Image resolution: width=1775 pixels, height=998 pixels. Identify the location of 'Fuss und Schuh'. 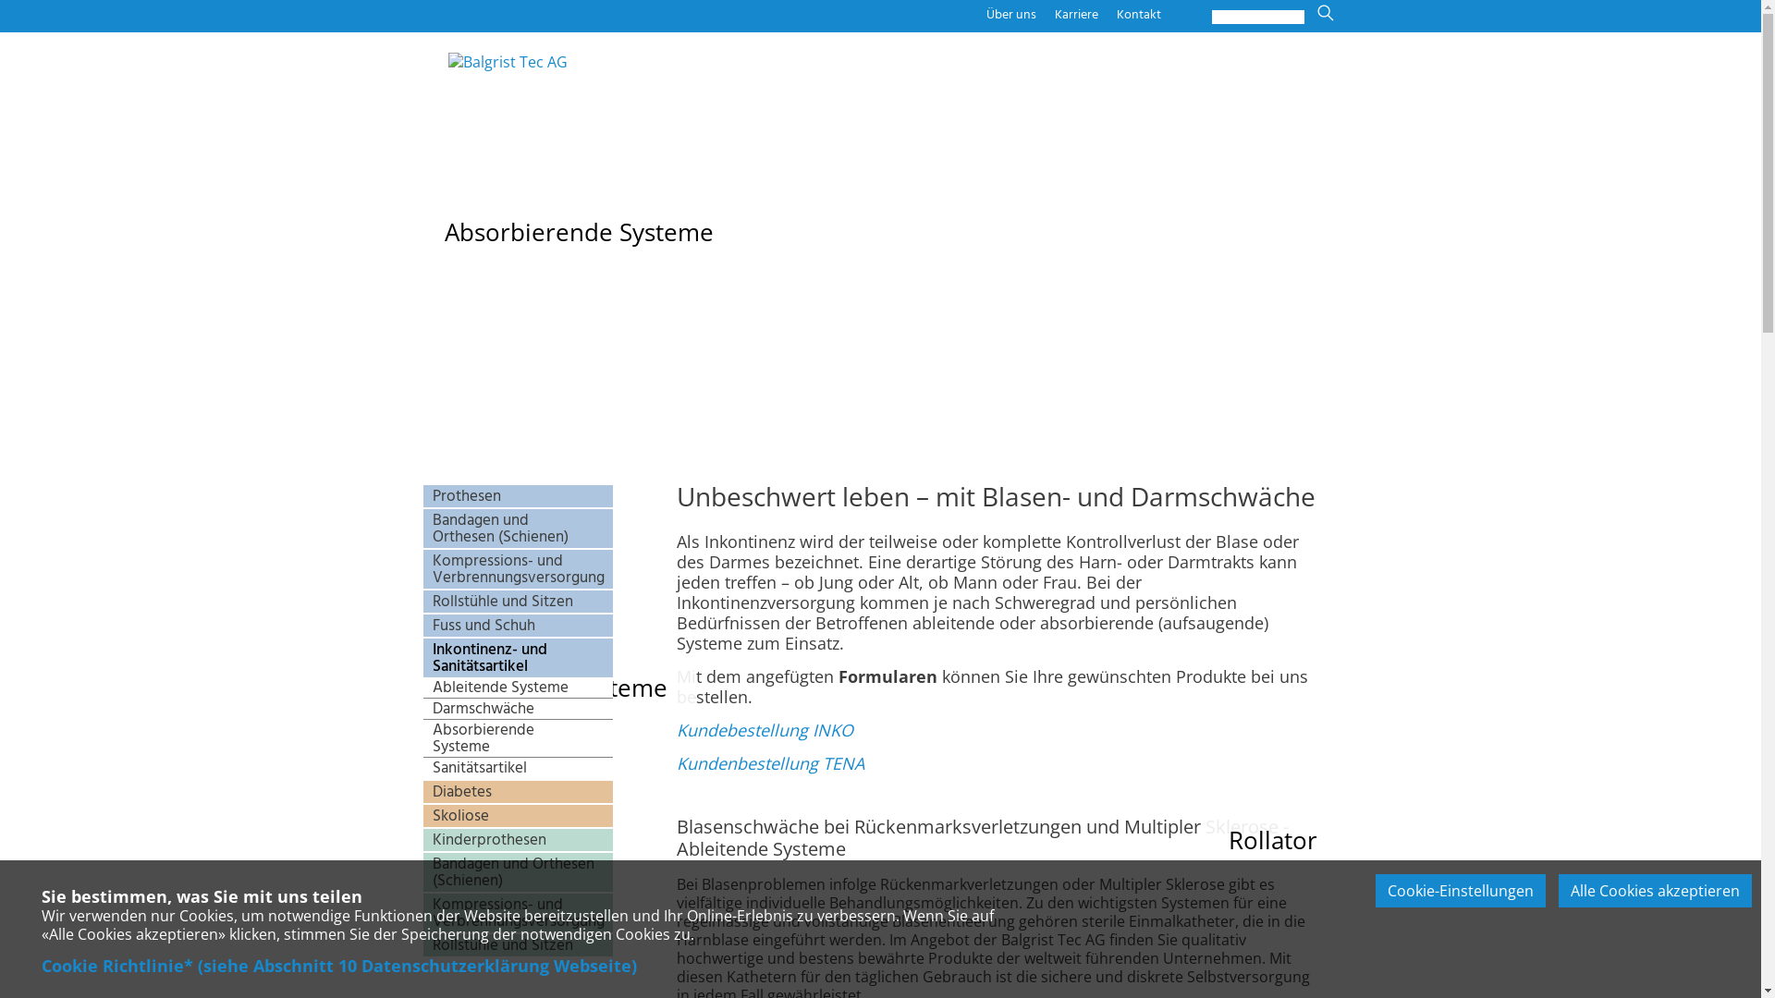
(518, 625).